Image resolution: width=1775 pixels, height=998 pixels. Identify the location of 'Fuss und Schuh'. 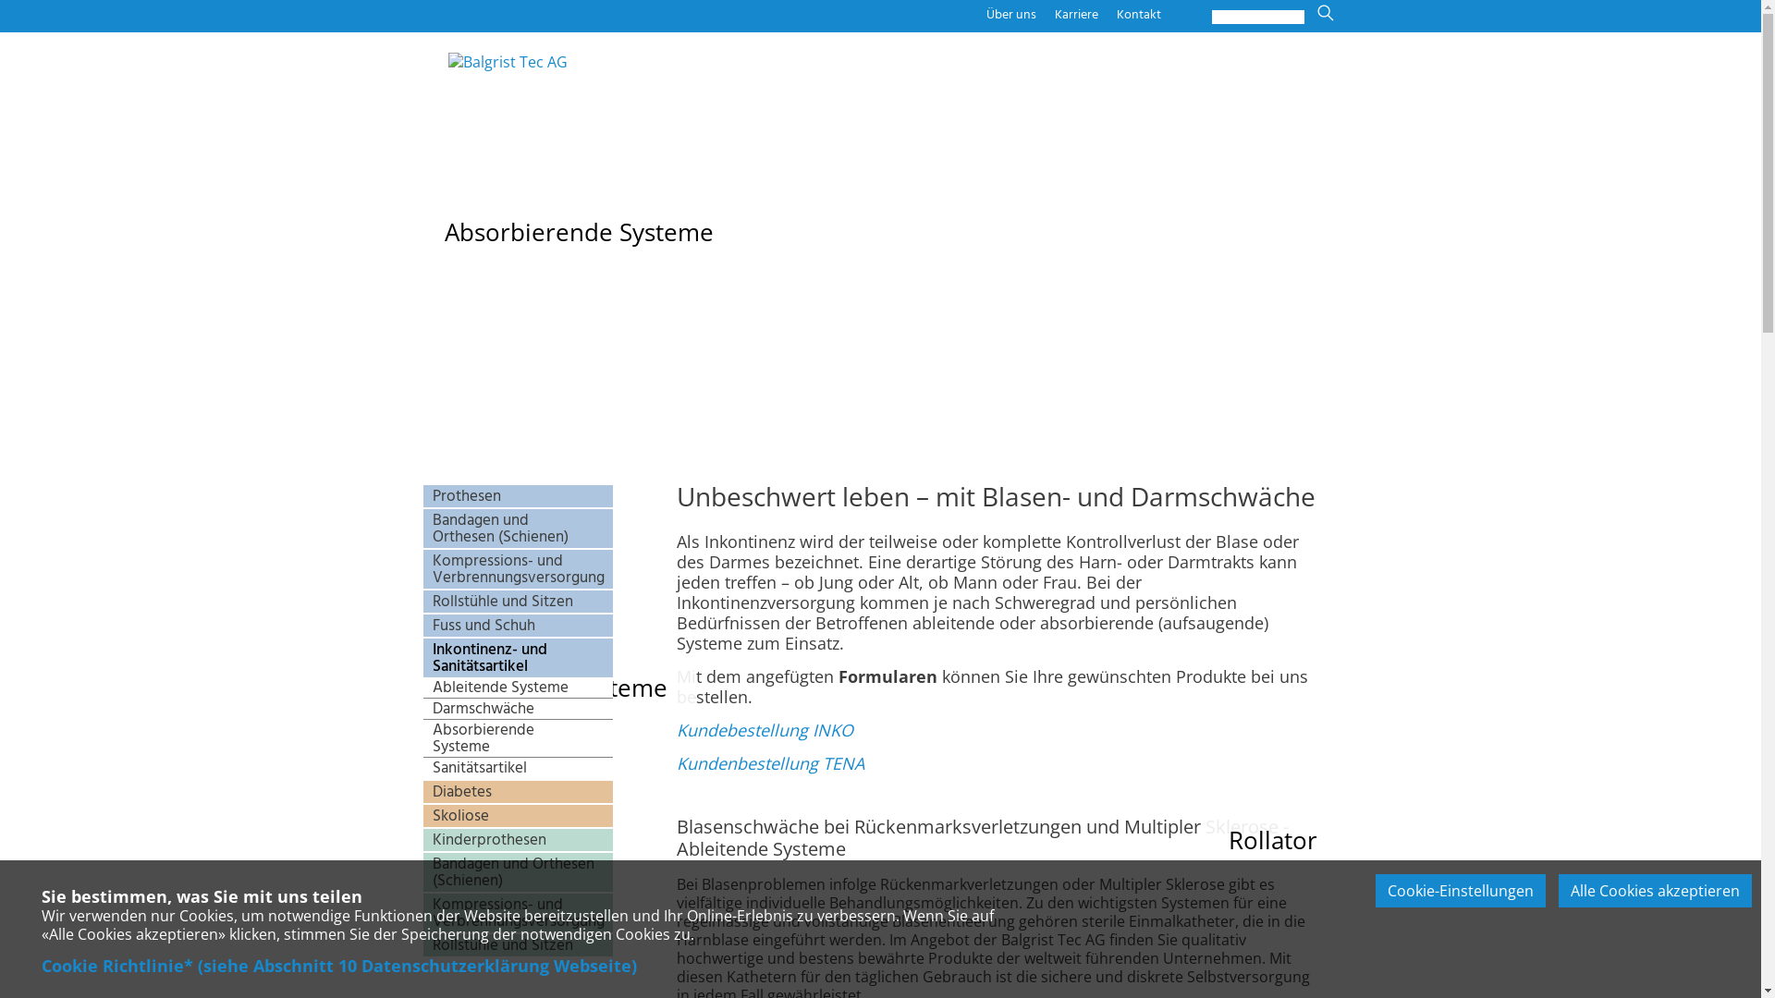
(518, 625).